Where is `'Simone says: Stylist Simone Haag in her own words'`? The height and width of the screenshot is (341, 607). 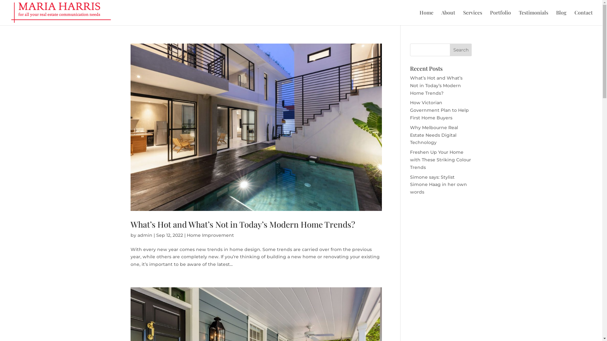 'Simone says: Stylist Simone Haag in her own words' is located at coordinates (438, 185).